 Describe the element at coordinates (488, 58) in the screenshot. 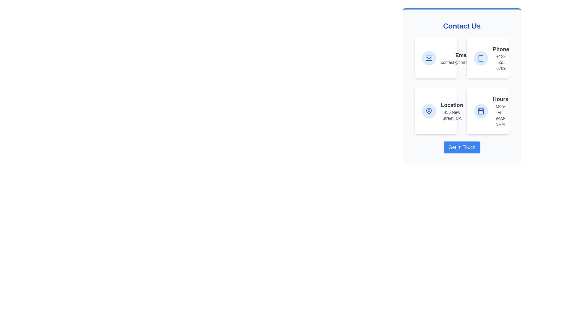

I see `information from the 'Phone' information card located in the top-right corner of the grid, which contains the title 'Phone' and the phone number '+123 555 6789'` at that location.